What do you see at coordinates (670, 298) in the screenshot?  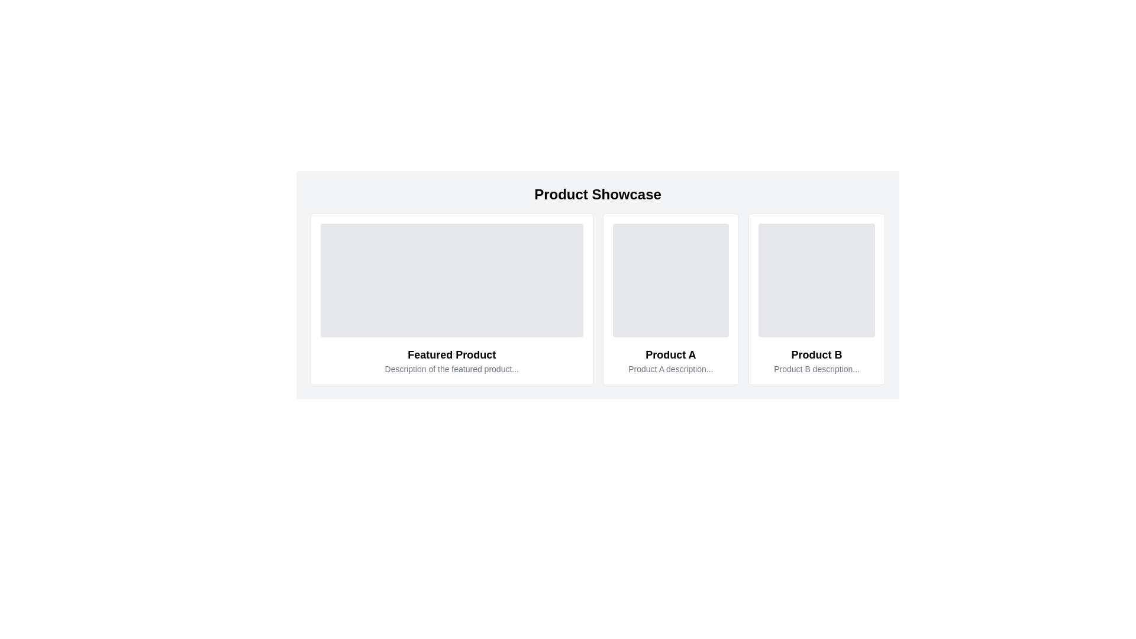 I see `the rectangular card featuring 'Product A' with a light background and rounded corners, located in the second column of the grid layout` at bounding box center [670, 298].